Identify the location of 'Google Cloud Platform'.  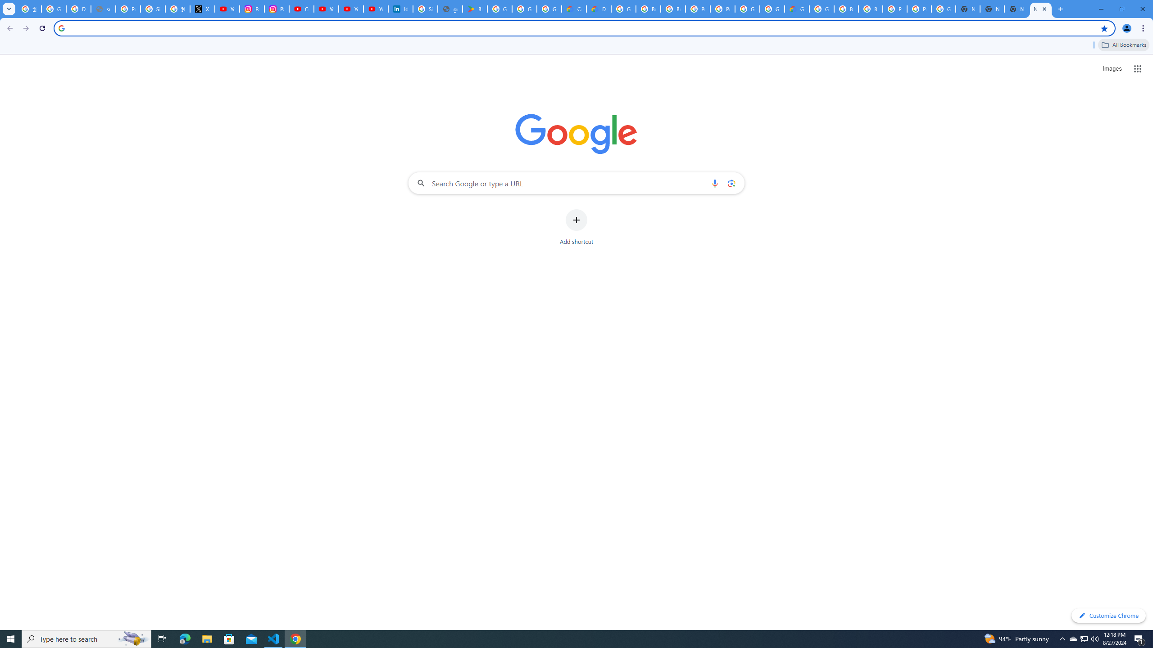
(747, 9).